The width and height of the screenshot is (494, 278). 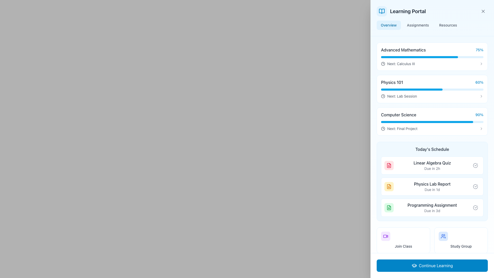 What do you see at coordinates (443, 236) in the screenshot?
I see `the circular icon depicting two user silhouettes, which is located within the 'Study Group' button at the bottom right of the 'Today's Schedule' panel` at bounding box center [443, 236].